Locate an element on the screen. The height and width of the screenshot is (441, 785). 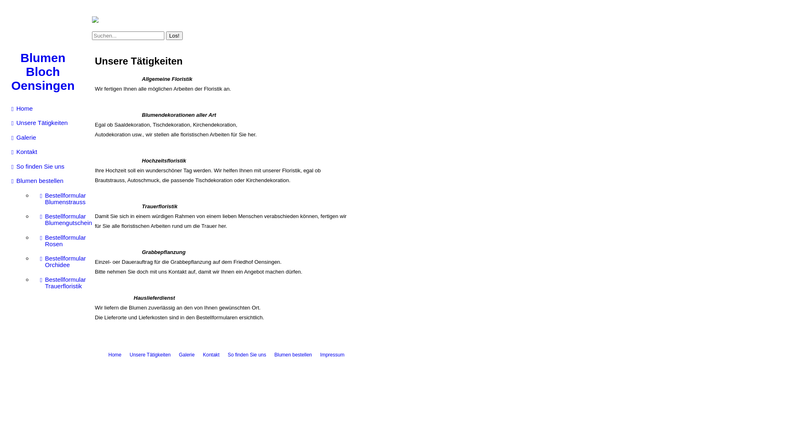
'Bestellformular Orchidee' is located at coordinates (35, 261).